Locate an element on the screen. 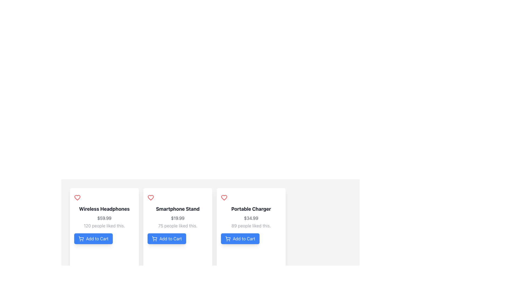  the blue 'Add to Cart' button with rounded corners located below the text '120 people liked this' in the 'Wireless Headphones' card to change its color is located at coordinates (93, 238).